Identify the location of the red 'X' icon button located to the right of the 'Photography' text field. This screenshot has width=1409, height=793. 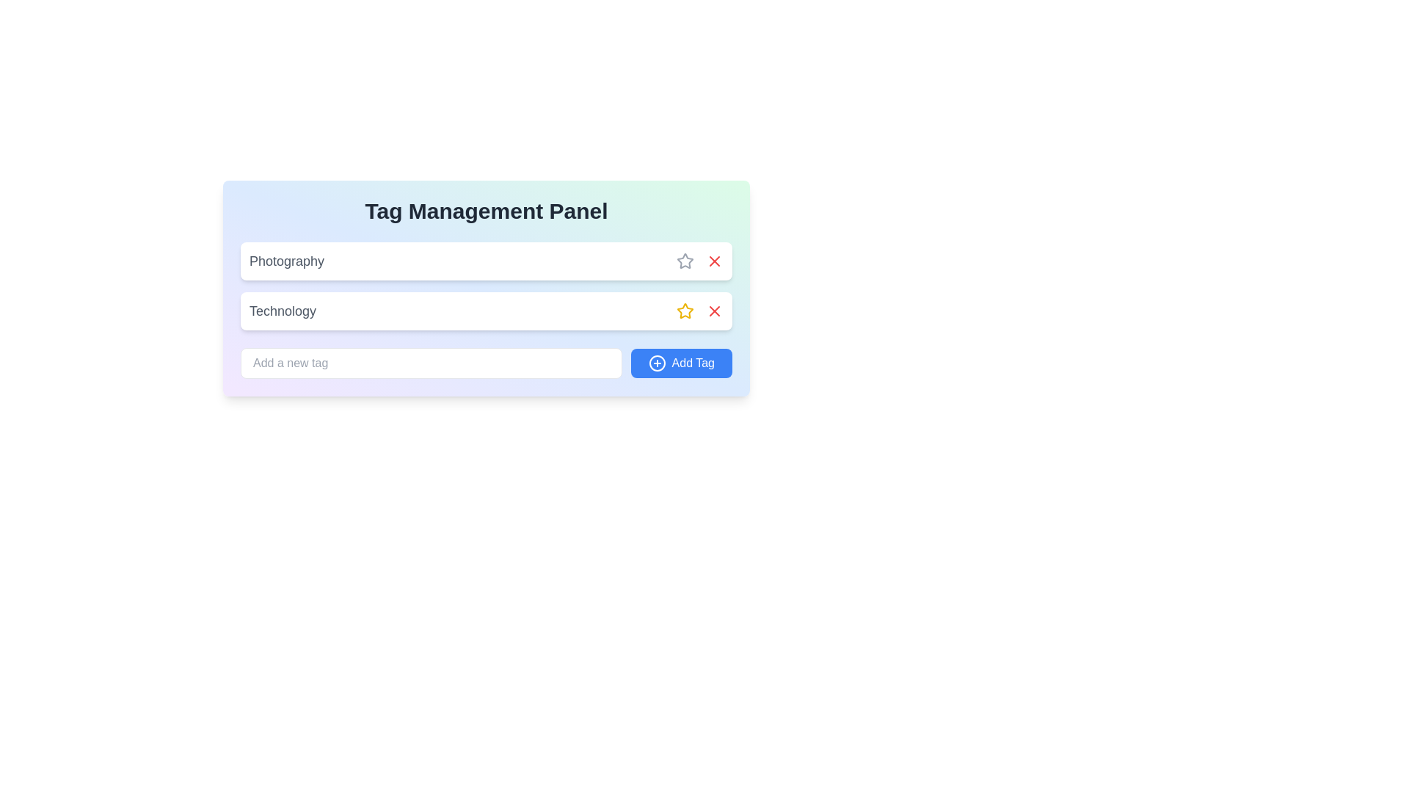
(715, 260).